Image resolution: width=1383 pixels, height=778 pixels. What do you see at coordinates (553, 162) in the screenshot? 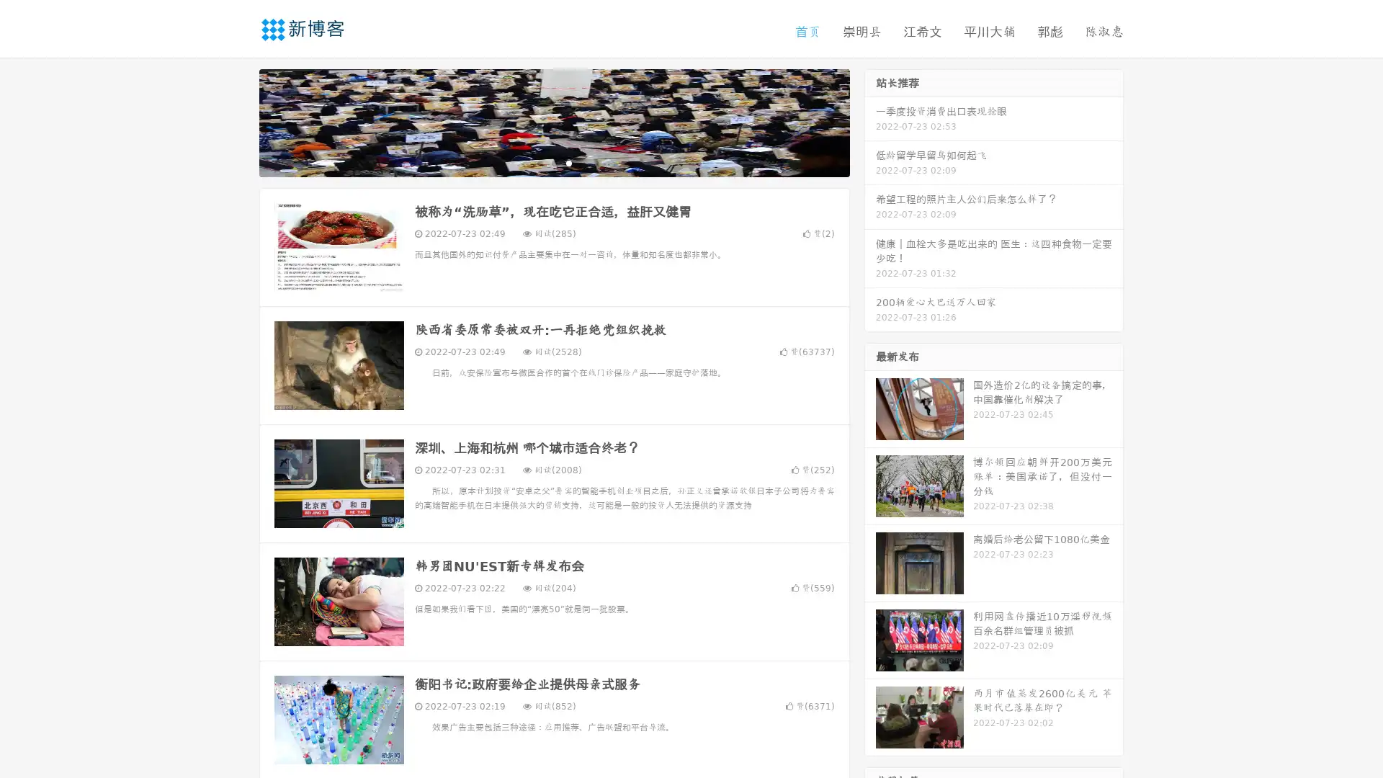
I see `Go to slide 2` at bounding box center [553, 162].